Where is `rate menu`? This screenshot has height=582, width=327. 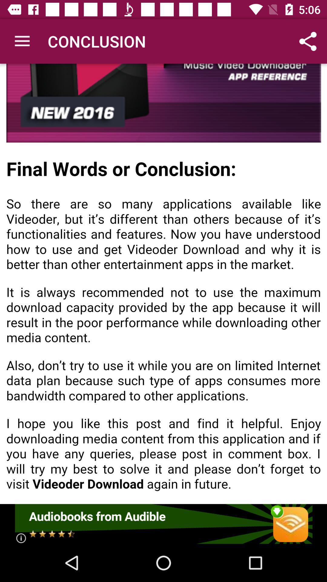
rate menu is located at coordinates (163, 523).